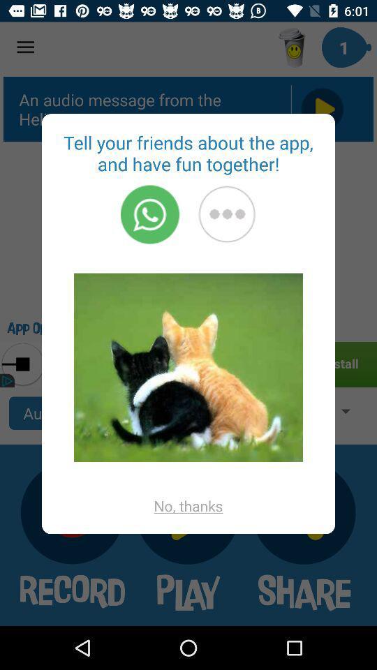 The width and height of the screenshot is (377, 670). What do you see at coordinates (149, 214) in the screenshot?
I see `open whatsapp` at bounding box center [149, 214].